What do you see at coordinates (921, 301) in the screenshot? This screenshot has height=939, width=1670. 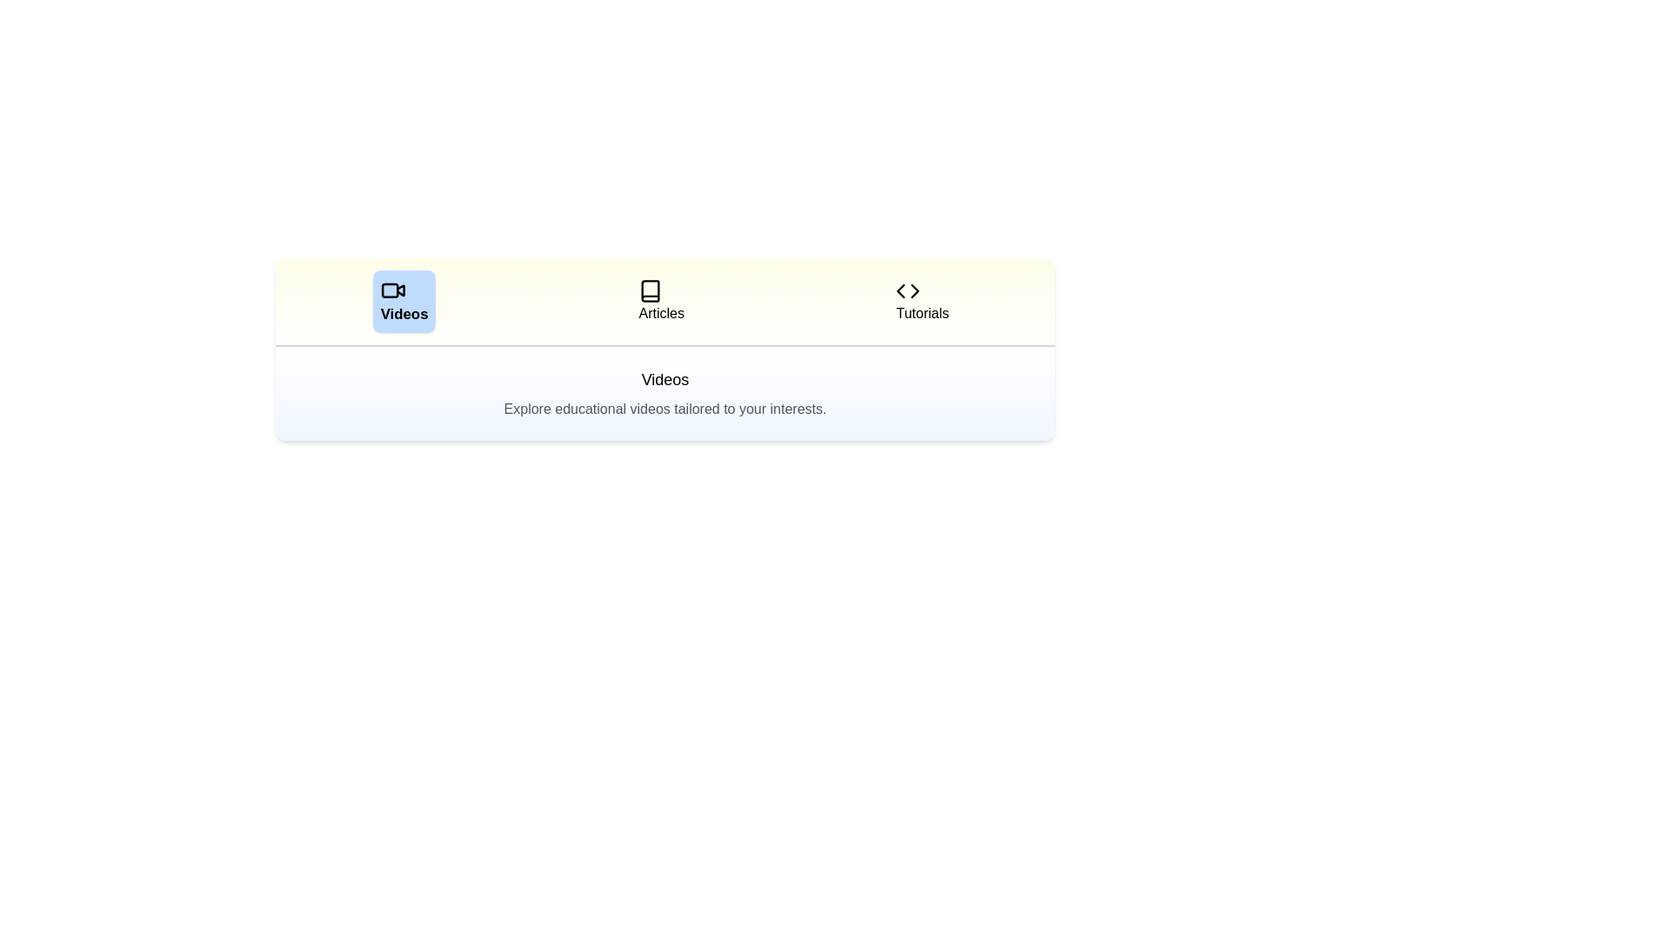 I see `the tab labeled Tutorials` at bounding box center [921, 301].